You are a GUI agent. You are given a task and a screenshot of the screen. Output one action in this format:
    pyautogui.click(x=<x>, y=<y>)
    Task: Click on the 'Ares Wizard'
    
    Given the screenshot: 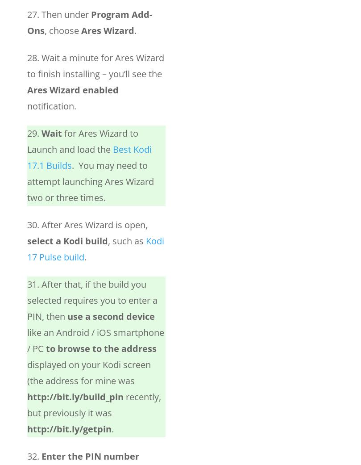 What is the action you would take?
    pyautogui.click(x=107, y=30)
    